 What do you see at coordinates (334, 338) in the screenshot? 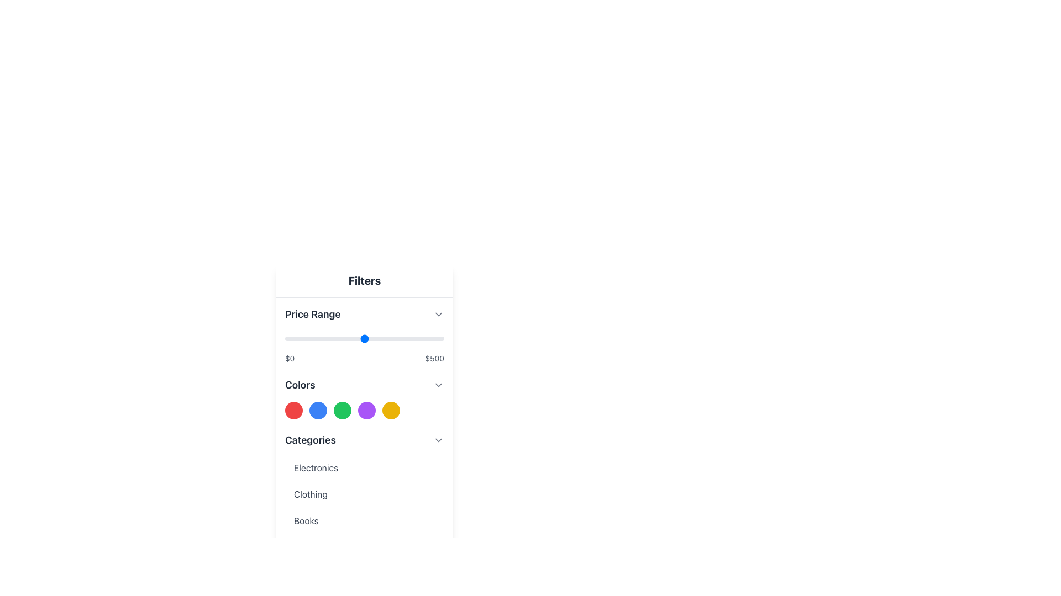
I see `the price range` at bounding box center [334, 338].